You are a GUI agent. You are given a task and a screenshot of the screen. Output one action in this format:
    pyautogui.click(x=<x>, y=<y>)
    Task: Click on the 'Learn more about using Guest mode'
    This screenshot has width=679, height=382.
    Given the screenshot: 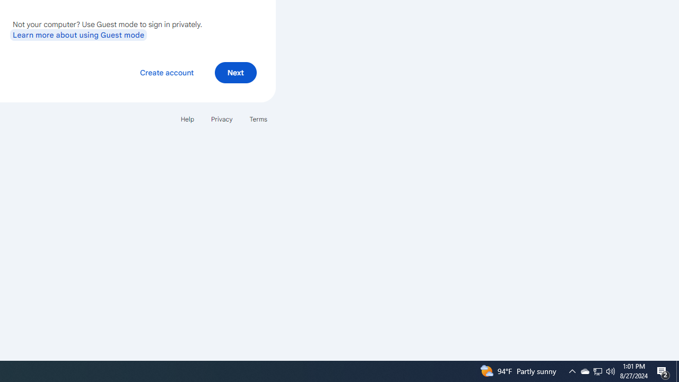 What is the action you would take?
    pyautogui.click(x=78, y=34)
    